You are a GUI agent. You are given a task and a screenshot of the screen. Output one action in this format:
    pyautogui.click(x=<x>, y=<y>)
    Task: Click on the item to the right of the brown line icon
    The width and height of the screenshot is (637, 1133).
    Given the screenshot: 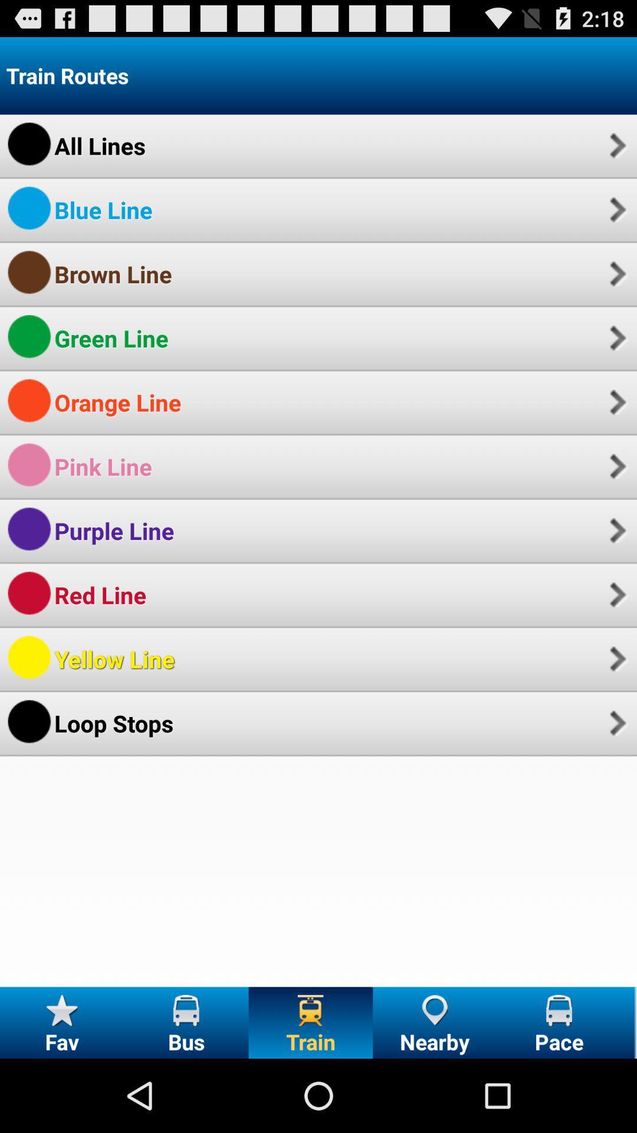 What is the action you would take?
    pyautogui.click(x=616, y=273)
    